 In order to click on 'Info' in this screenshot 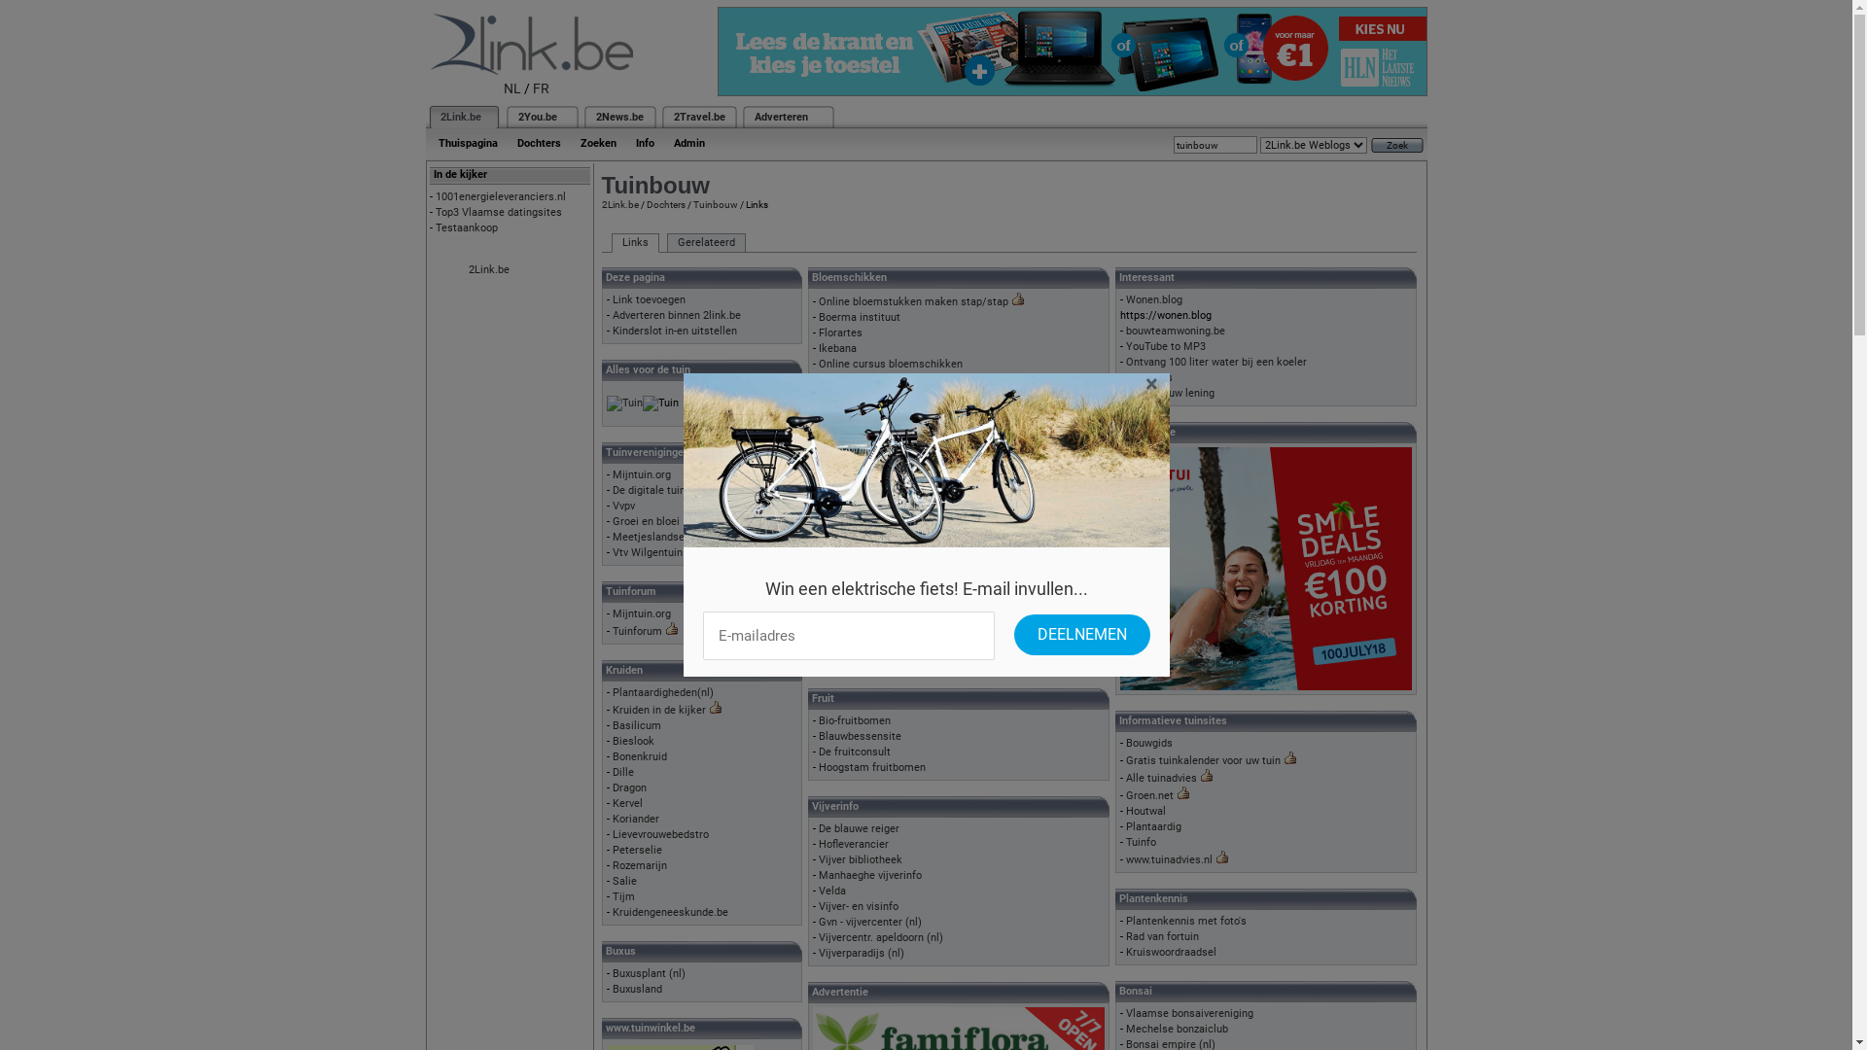, I will do `click(645, 142)`.